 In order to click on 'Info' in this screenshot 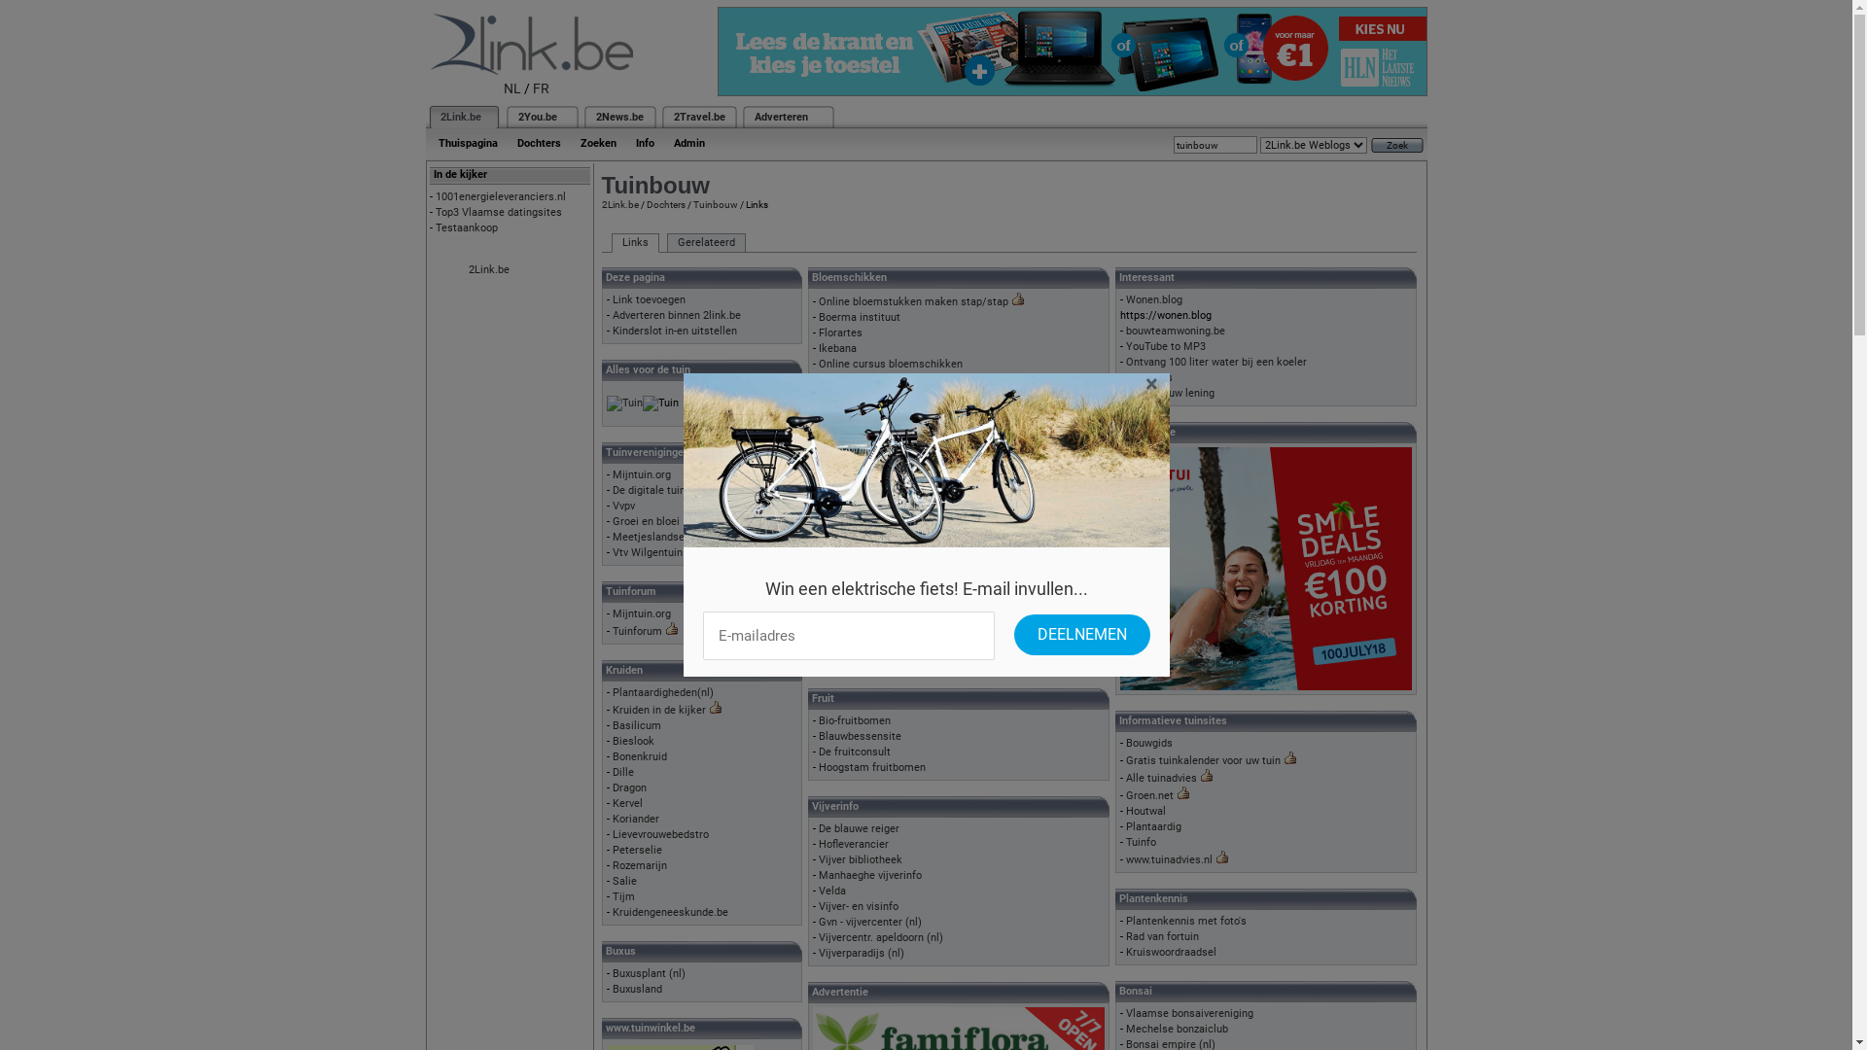, I will do `click(645, 142)`.